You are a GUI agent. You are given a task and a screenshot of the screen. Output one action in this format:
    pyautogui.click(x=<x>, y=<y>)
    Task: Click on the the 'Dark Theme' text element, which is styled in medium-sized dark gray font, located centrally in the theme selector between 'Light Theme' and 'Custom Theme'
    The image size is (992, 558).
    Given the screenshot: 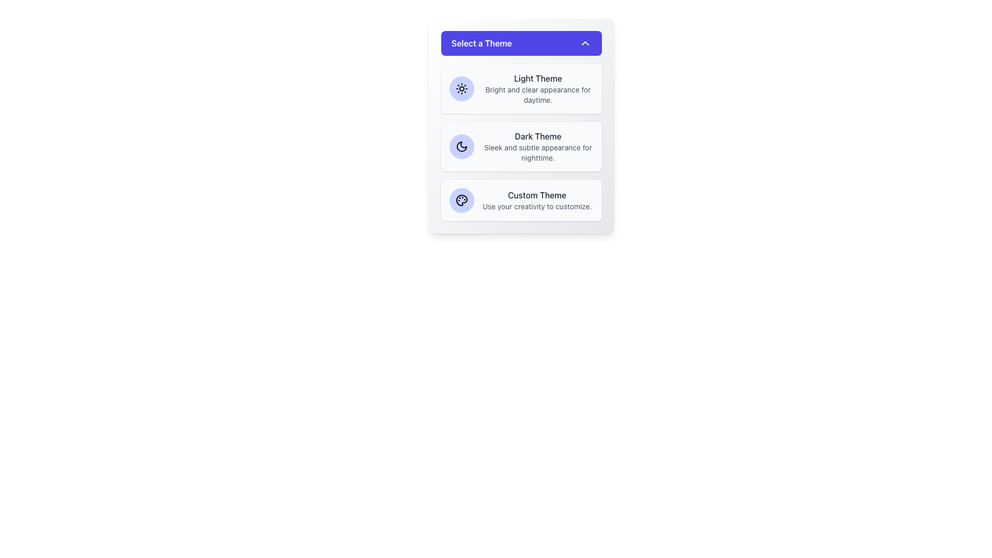 What is the action you would take?
    pyautogui.click(x=537, y=135)
    